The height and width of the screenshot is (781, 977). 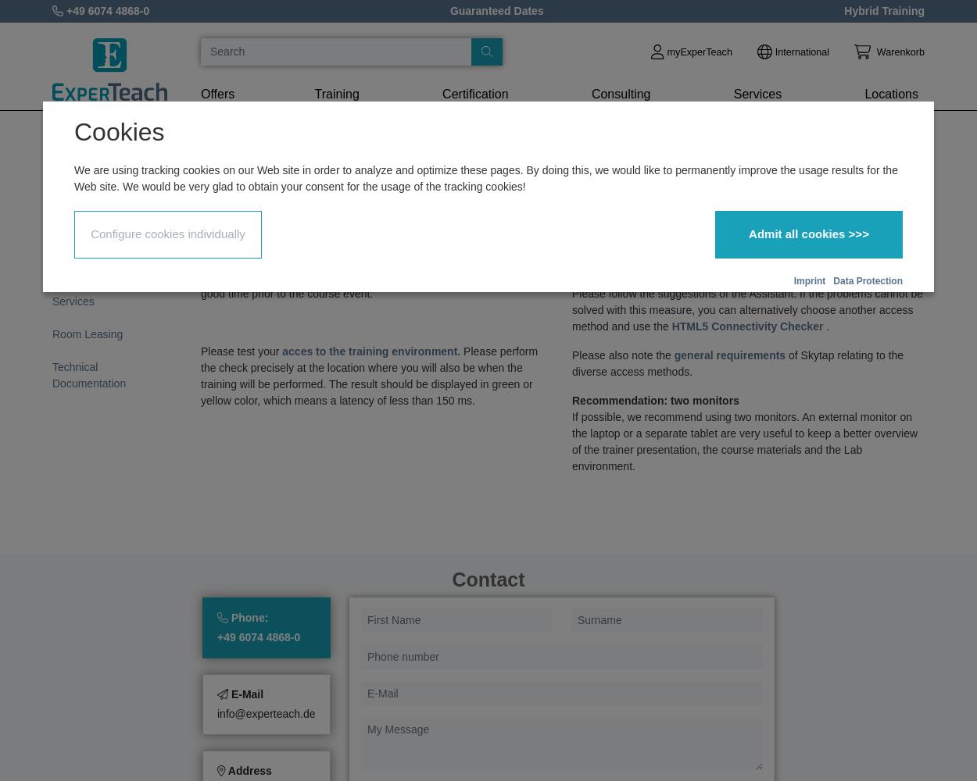 What do you see at coordinates (731, 355) in the screenshot?
I see `'general requirements'` at bounding box center [731, 355].